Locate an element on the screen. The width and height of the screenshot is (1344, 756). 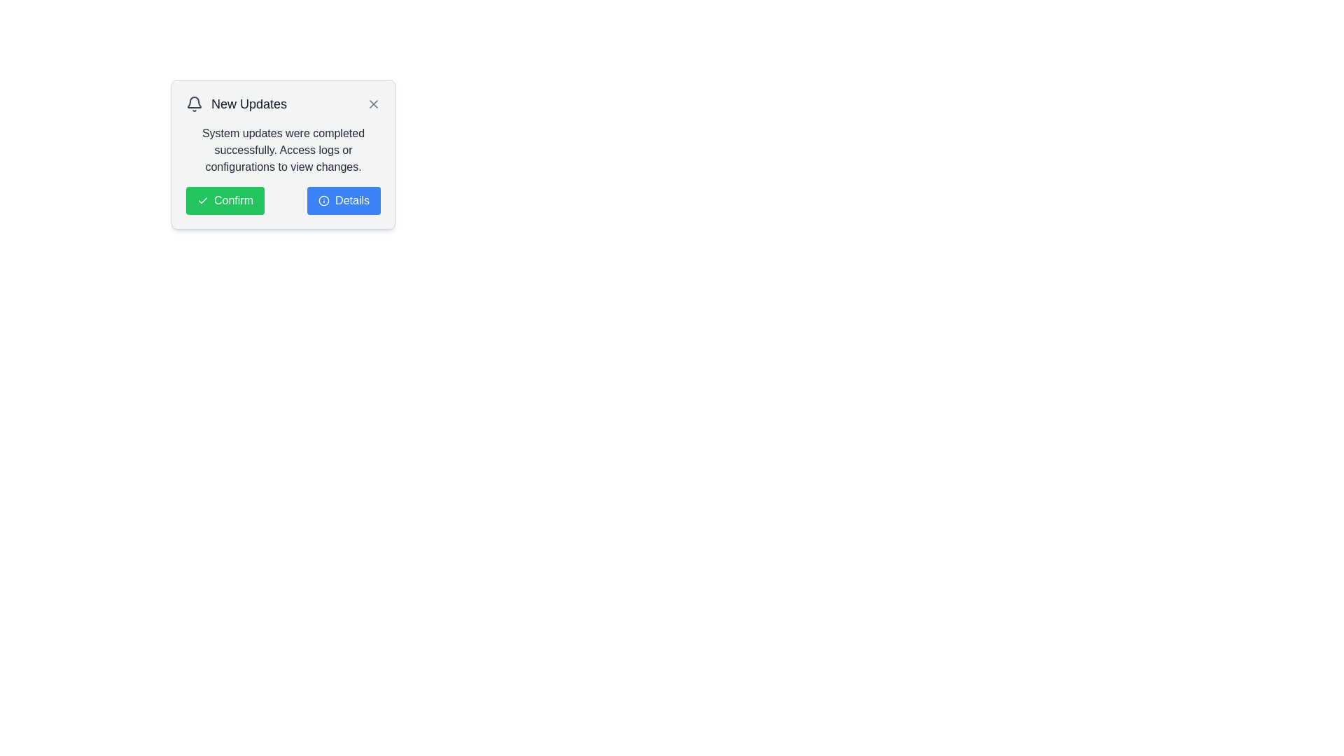
the informative text block that conveys messages about recent system updates, located below the title 'New Updates' and above the 'Confirm' and 'Details' buttons is located at coordinates (282, 150).